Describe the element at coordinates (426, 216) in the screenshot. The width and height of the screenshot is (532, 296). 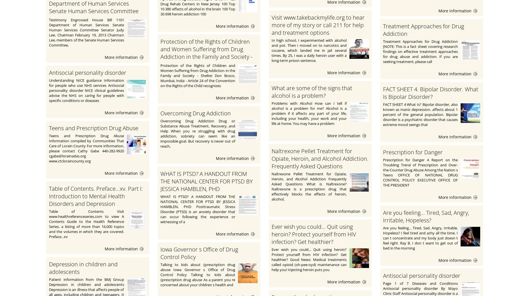
I see `'Are you feeling... Tired, Sad, Angry, Irritable, Hopeless?'` at that location.